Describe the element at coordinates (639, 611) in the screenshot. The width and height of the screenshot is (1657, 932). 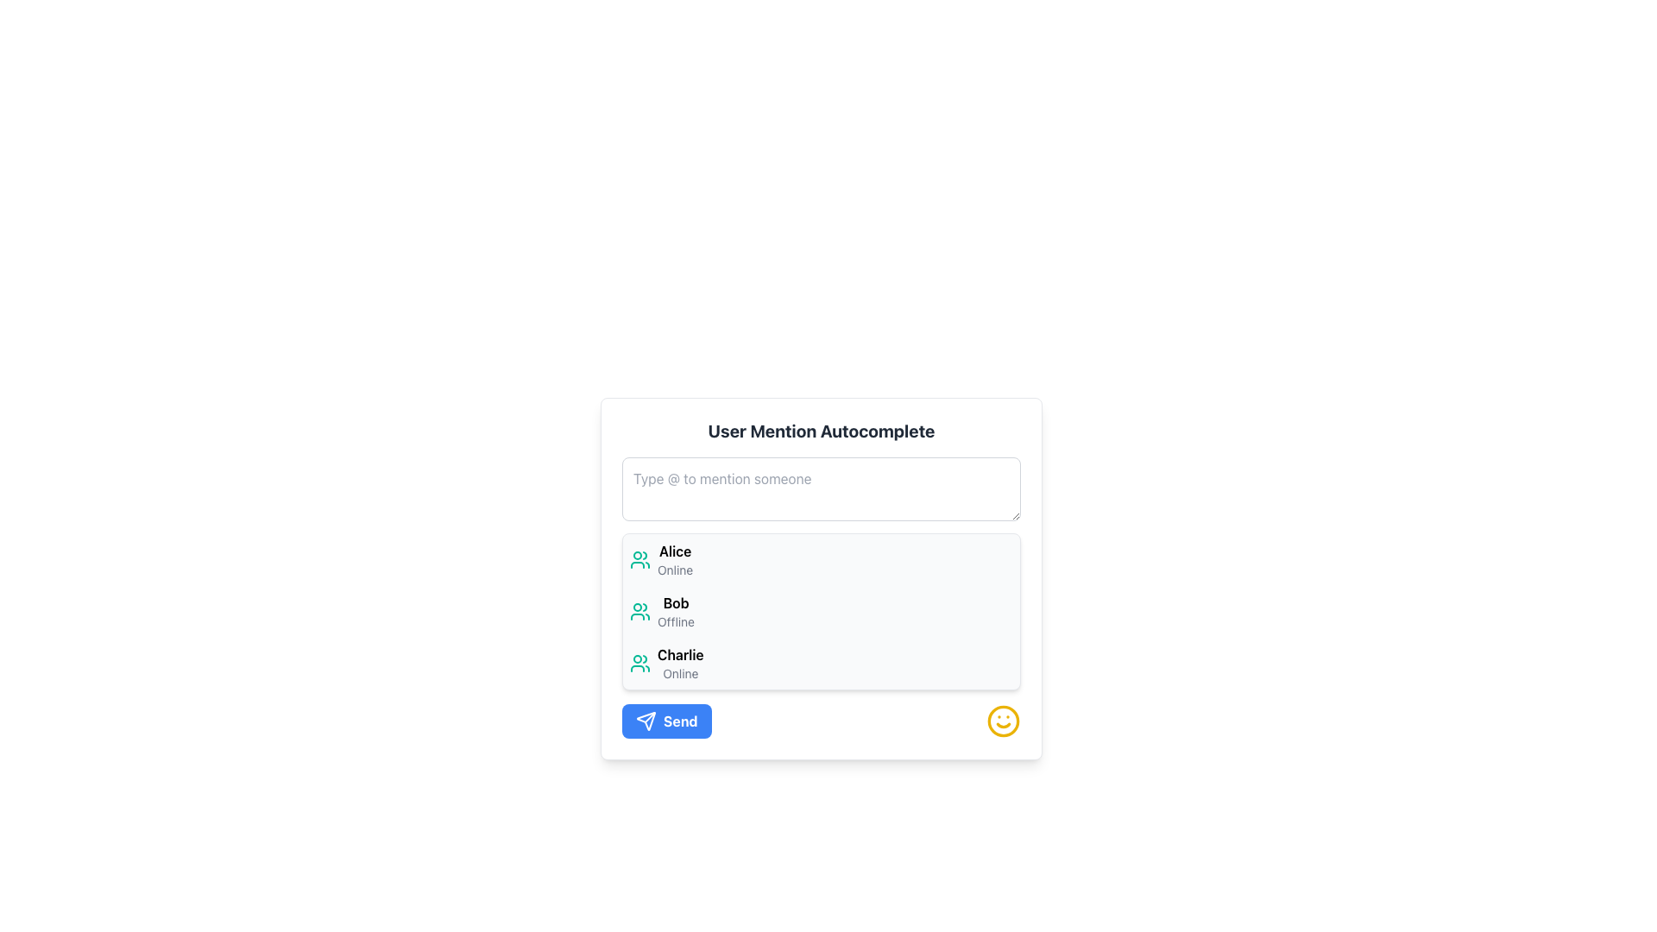
I see `the Decorative Icon representing a group of users for 'Bob', which is a green icon with rounded edges located to the left of the text 'Bob' and 'Offline'` at that location.